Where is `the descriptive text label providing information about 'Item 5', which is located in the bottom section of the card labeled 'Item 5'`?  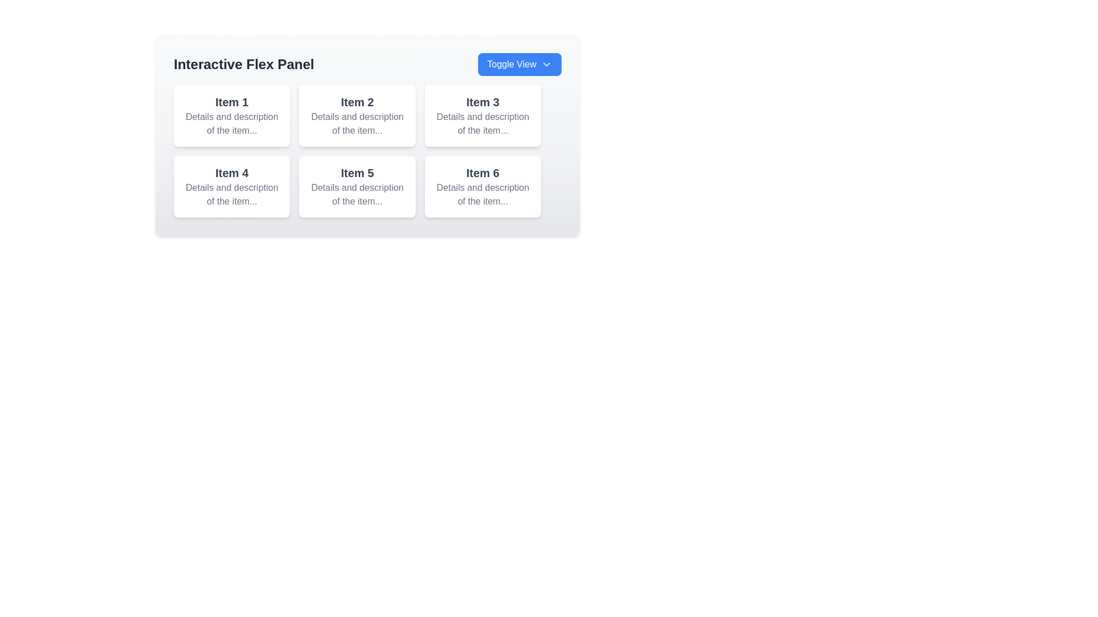 the descriptive text label providing information about 'Item 5', which is located in the bottom section of the card labeled 'Item 5' is located at coordinates (357, 194).